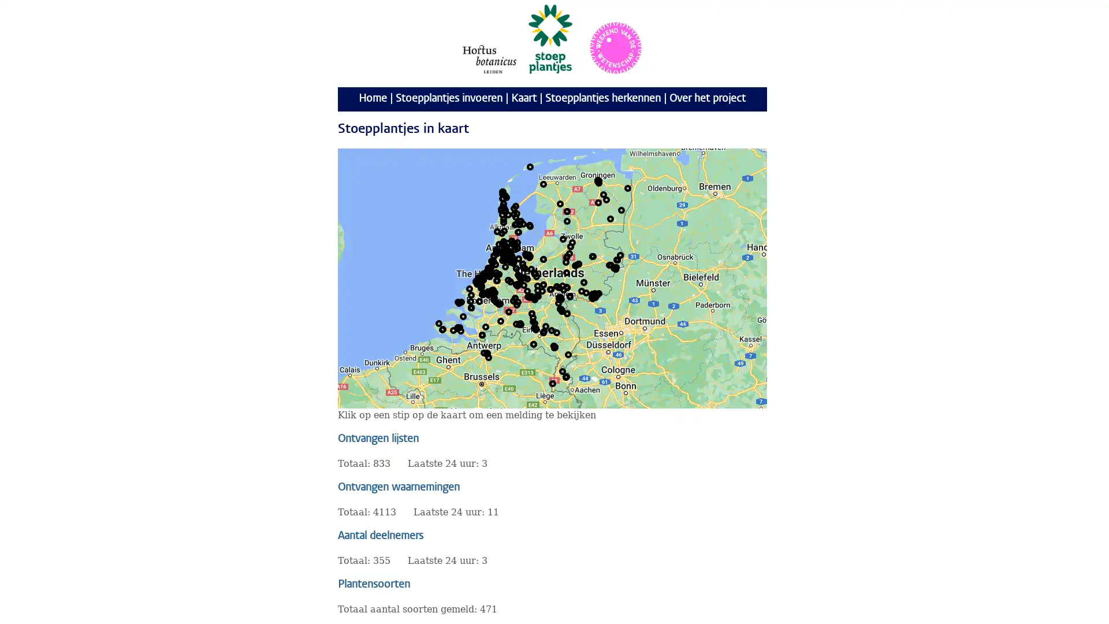 The width and height of the screenshot is (1109, 624). Describe the element at coordinates (496, 263) in the screenshot. I see `Telling van Axel Gunderson op 26 april 2022` at that location.